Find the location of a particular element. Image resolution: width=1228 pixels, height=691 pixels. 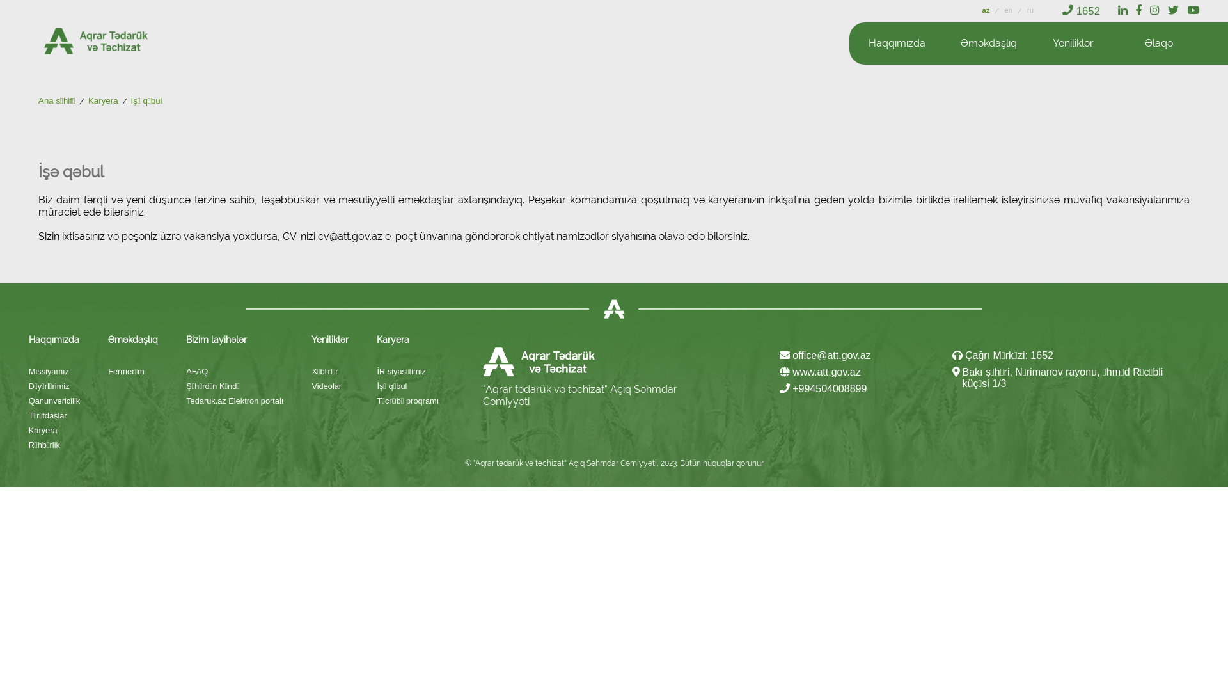

'en' is located at coordinates (1009, 10).